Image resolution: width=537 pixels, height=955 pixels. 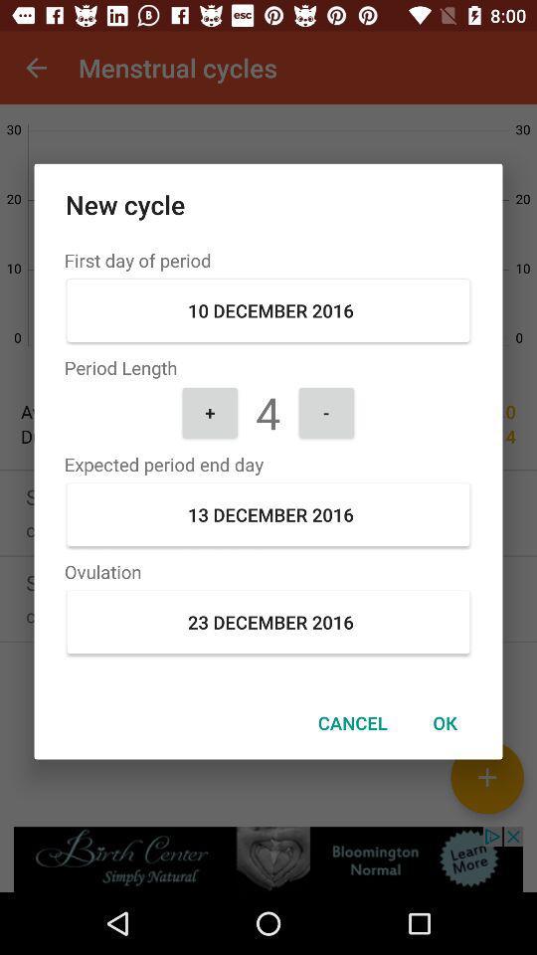 I want to click on the icon to the left of 4 icon, so click(x=209, y=411).